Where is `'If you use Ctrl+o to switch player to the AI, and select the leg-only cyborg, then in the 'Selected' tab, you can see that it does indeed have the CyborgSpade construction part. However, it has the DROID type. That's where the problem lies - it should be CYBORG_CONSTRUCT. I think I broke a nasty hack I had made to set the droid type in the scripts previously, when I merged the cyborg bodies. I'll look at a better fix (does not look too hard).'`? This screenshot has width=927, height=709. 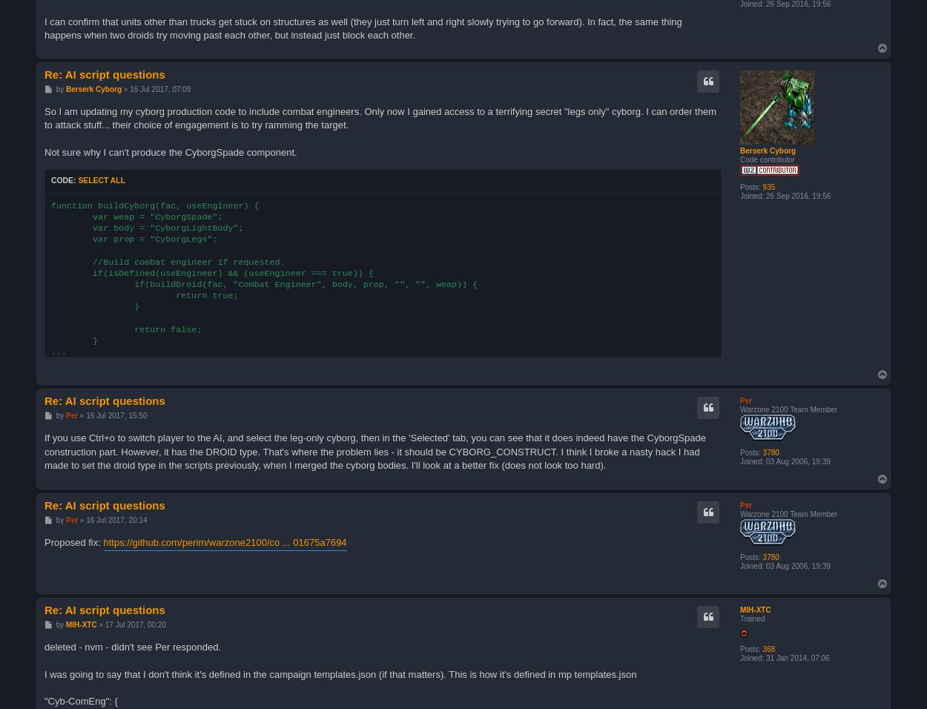
'If you use Ctrl+o to switch player to the AI, and select the leg-only cyborg, then in the 'Selected' tab, you can see that it does indeed have the CyborgSpade construction part. However, it has the DROID type. That's where the problem lies - it should be CYBORG_CONSTRUCT. I think I broke a nasty hack I had made to set the droid type in the scripts previously, when I merged the cyborg bodies. I'll look at a better fix (does not look too hard).' is located at coordinates (375, 451).